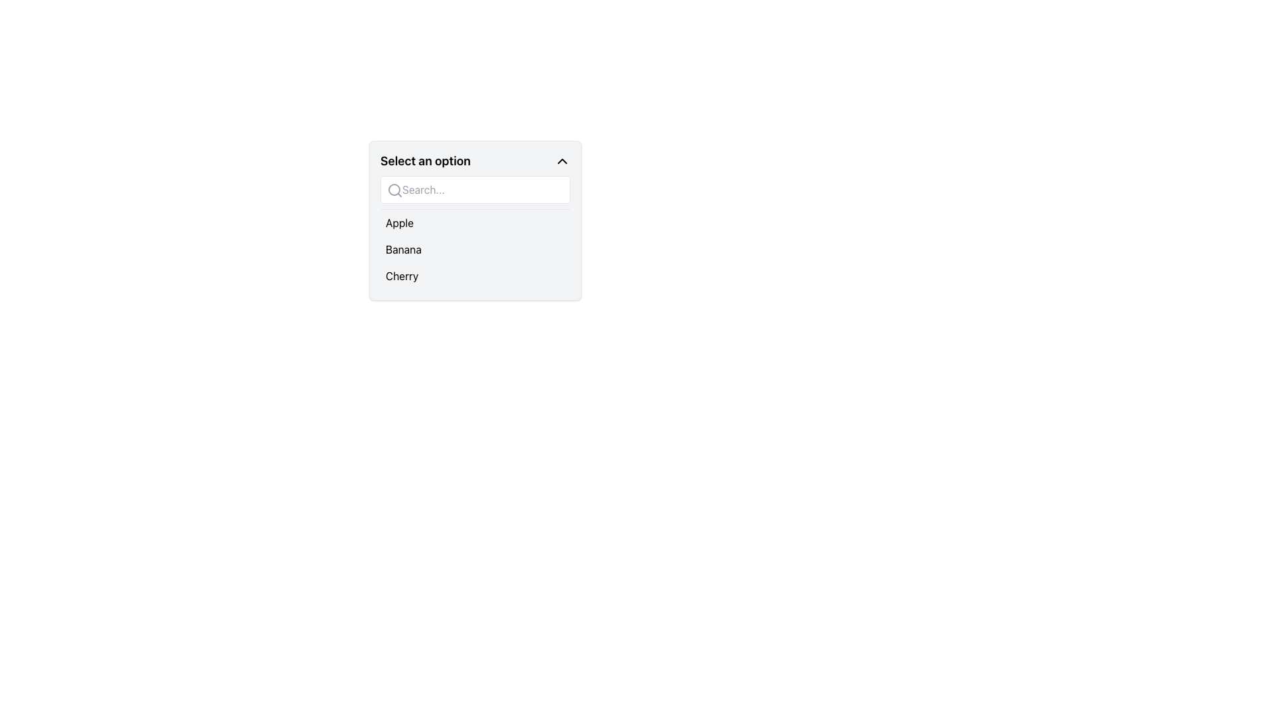  I want to click on the selectable option labeled 'Apple' in the dropdown menu to trigger a hover effect, so click(475, 222).